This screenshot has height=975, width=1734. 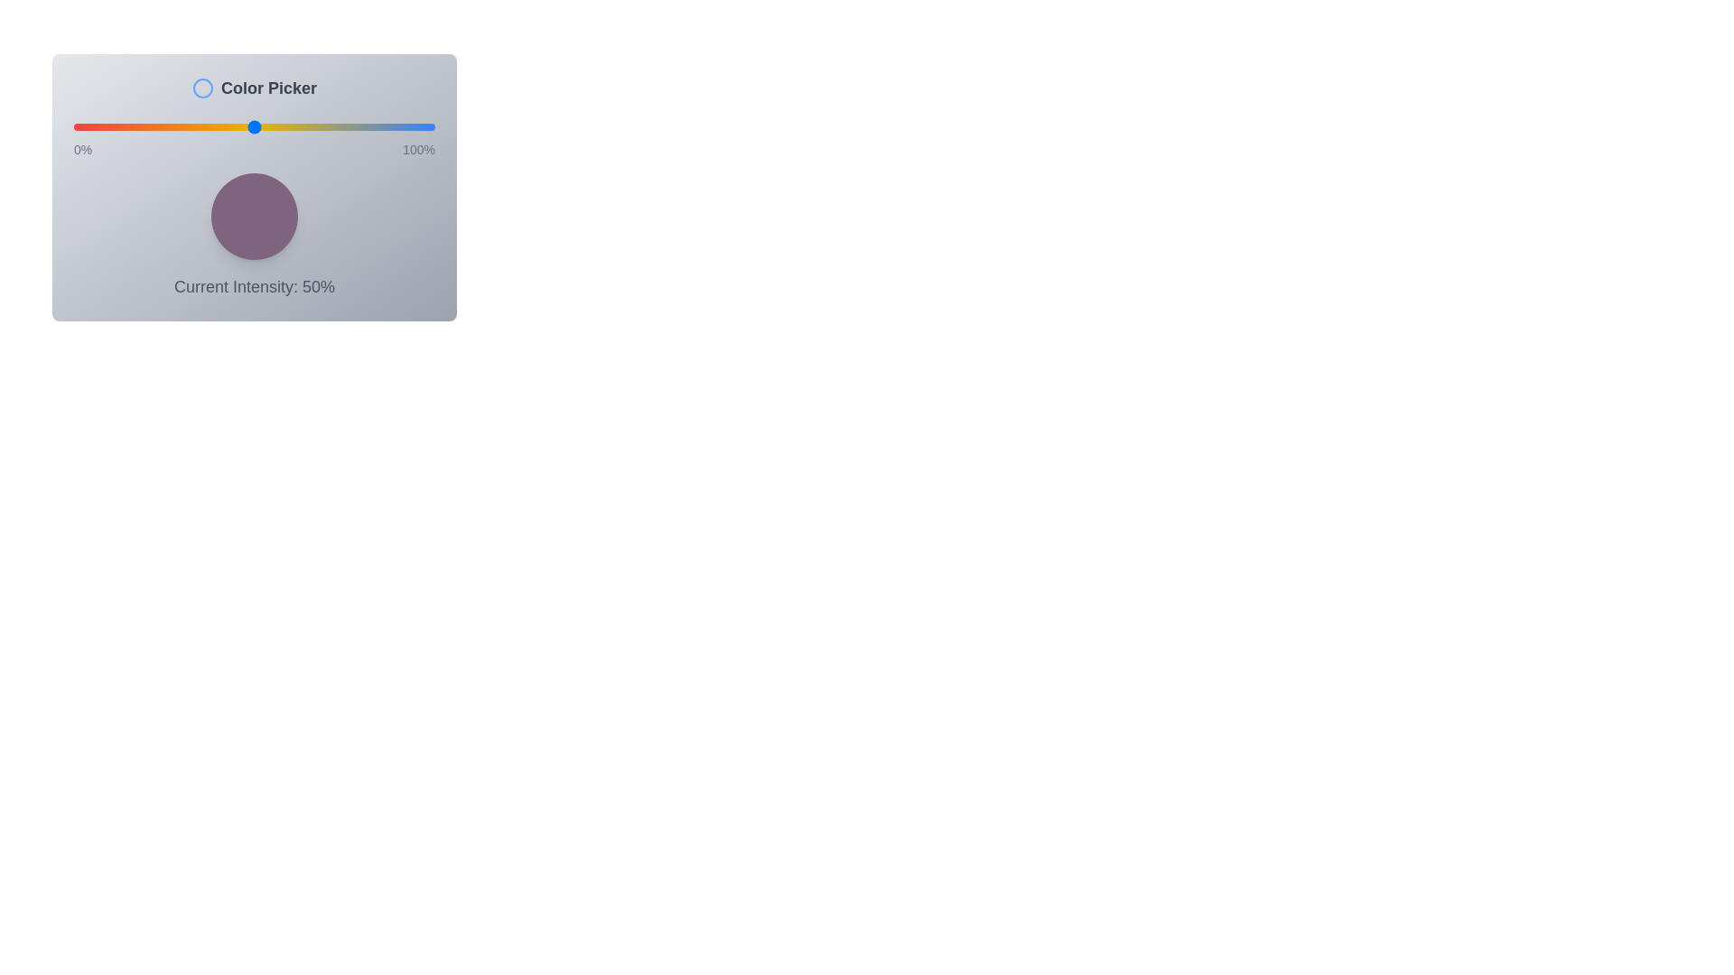 What do you see at coordinates (108, 126) in the screenshot?
I see `the intensity slider to 10%` at bounding box center [108, 126].